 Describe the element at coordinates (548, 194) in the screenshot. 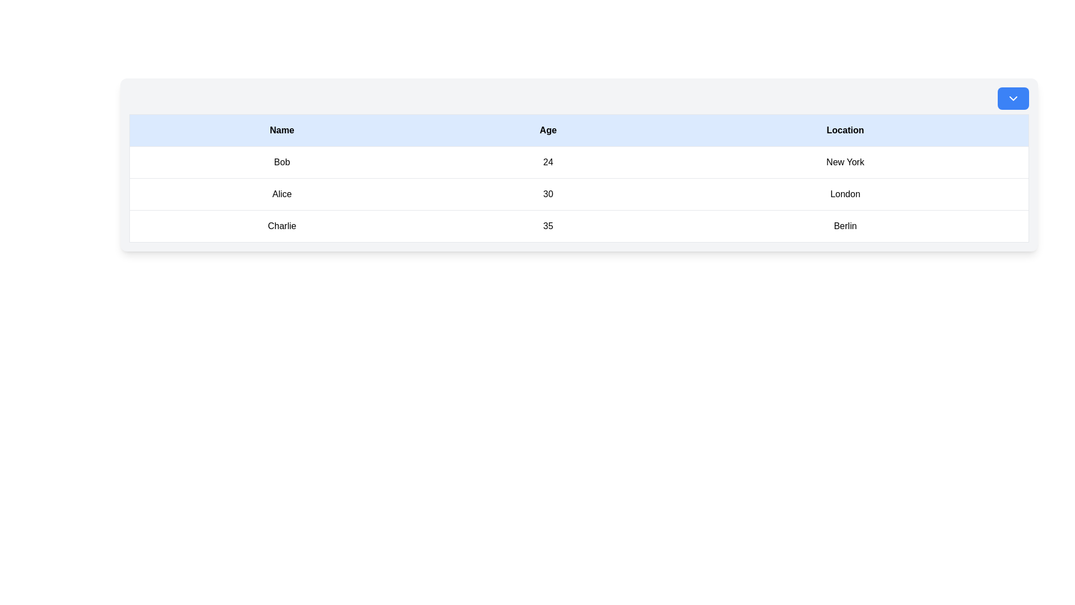

I see `the informational text cell displaying the age value for 'Alice' in the second row of the table under the 'Age' column` at that location.